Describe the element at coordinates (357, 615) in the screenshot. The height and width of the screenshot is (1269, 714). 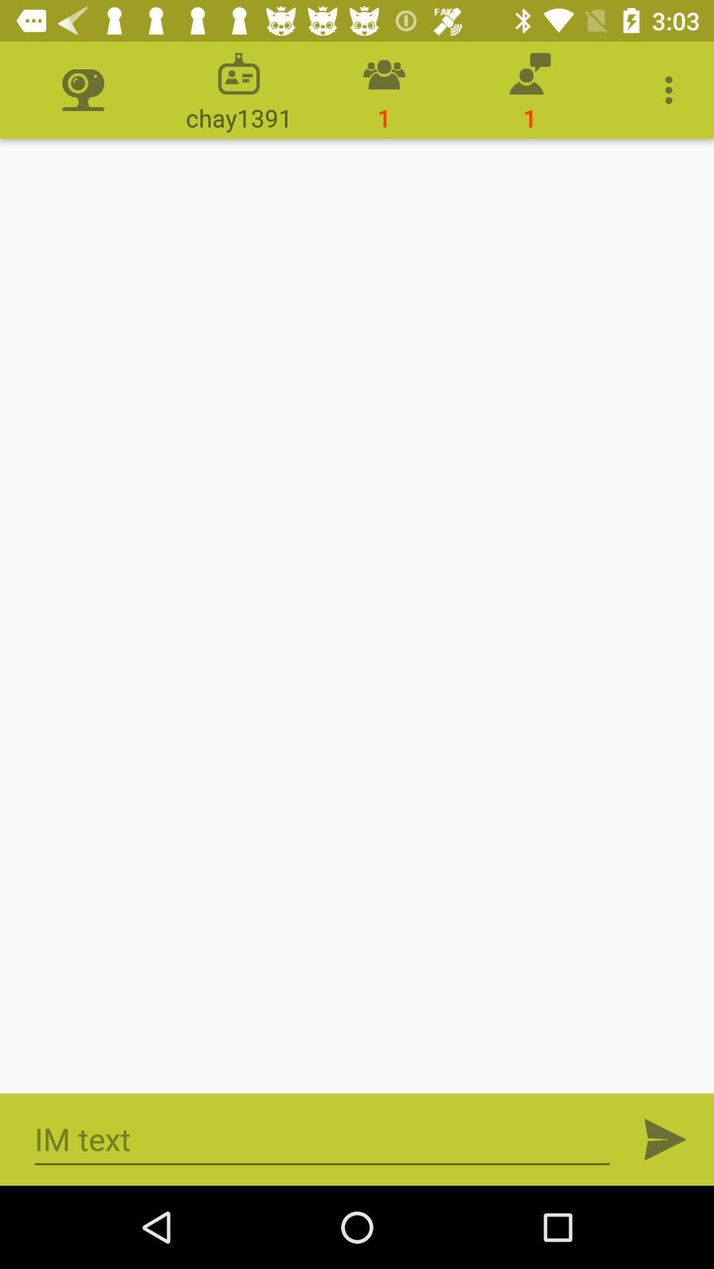
I see `blank page` at that location.